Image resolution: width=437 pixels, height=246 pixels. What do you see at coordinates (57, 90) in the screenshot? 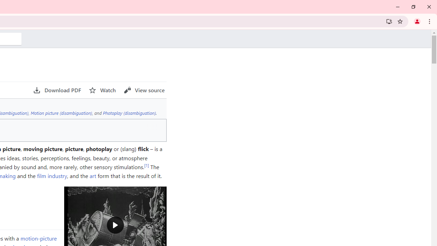
I see `'Download PDF'` at bounding box center [57, 90].